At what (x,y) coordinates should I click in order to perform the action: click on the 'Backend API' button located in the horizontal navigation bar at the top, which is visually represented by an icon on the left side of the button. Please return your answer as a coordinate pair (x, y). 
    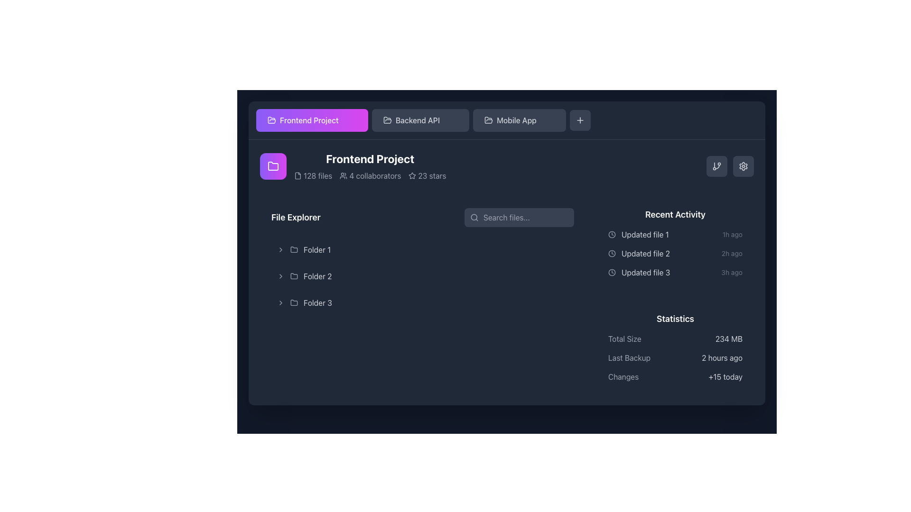
    Looking at the image, I should click on (387, 120).